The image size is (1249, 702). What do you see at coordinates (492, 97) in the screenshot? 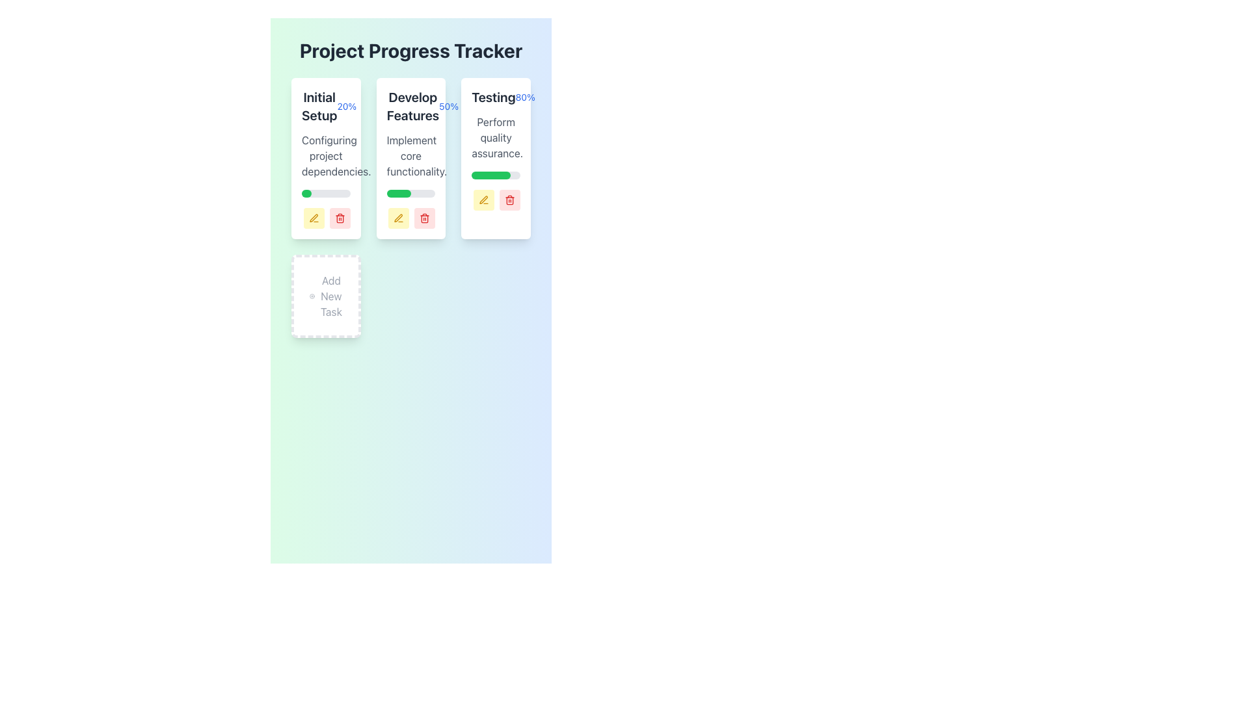
I see `the text element that labels the task 'Testing' located in the upper section of the card, positioned to the left of the '80%' progress text` at bounding box center [492, 97].